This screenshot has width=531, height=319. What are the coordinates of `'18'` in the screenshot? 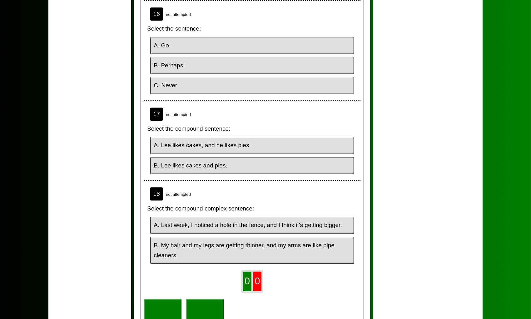 It's located at (156, 193).